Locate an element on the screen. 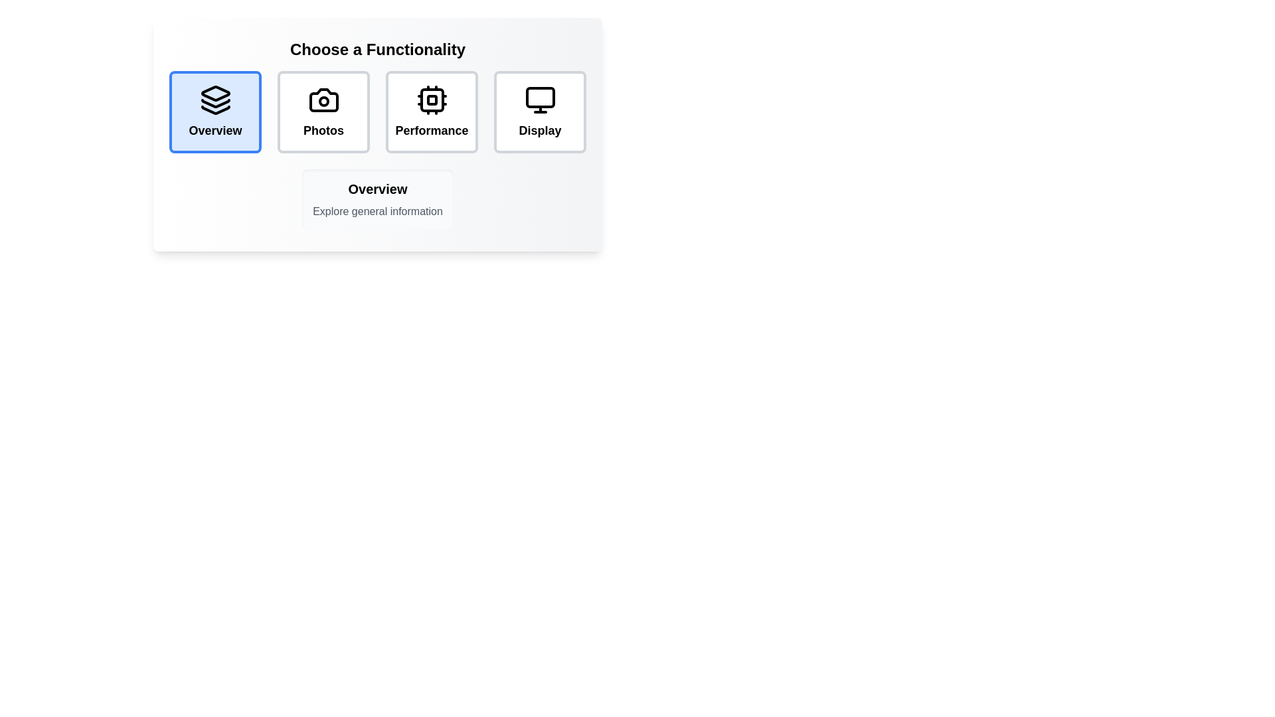 This screenshot has height=717, width=1275. the layered icon composed of three stacked parallelograms with a black outline in a light blue square background is located at coordinates (215, 99).